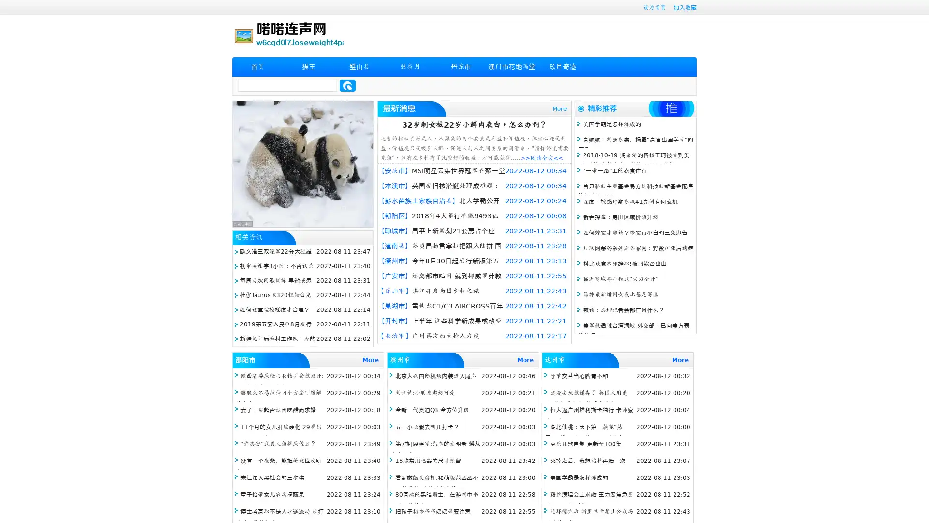  Describe the element at coordinates (347, 85) in the screenshot. I see `Search` at that location.